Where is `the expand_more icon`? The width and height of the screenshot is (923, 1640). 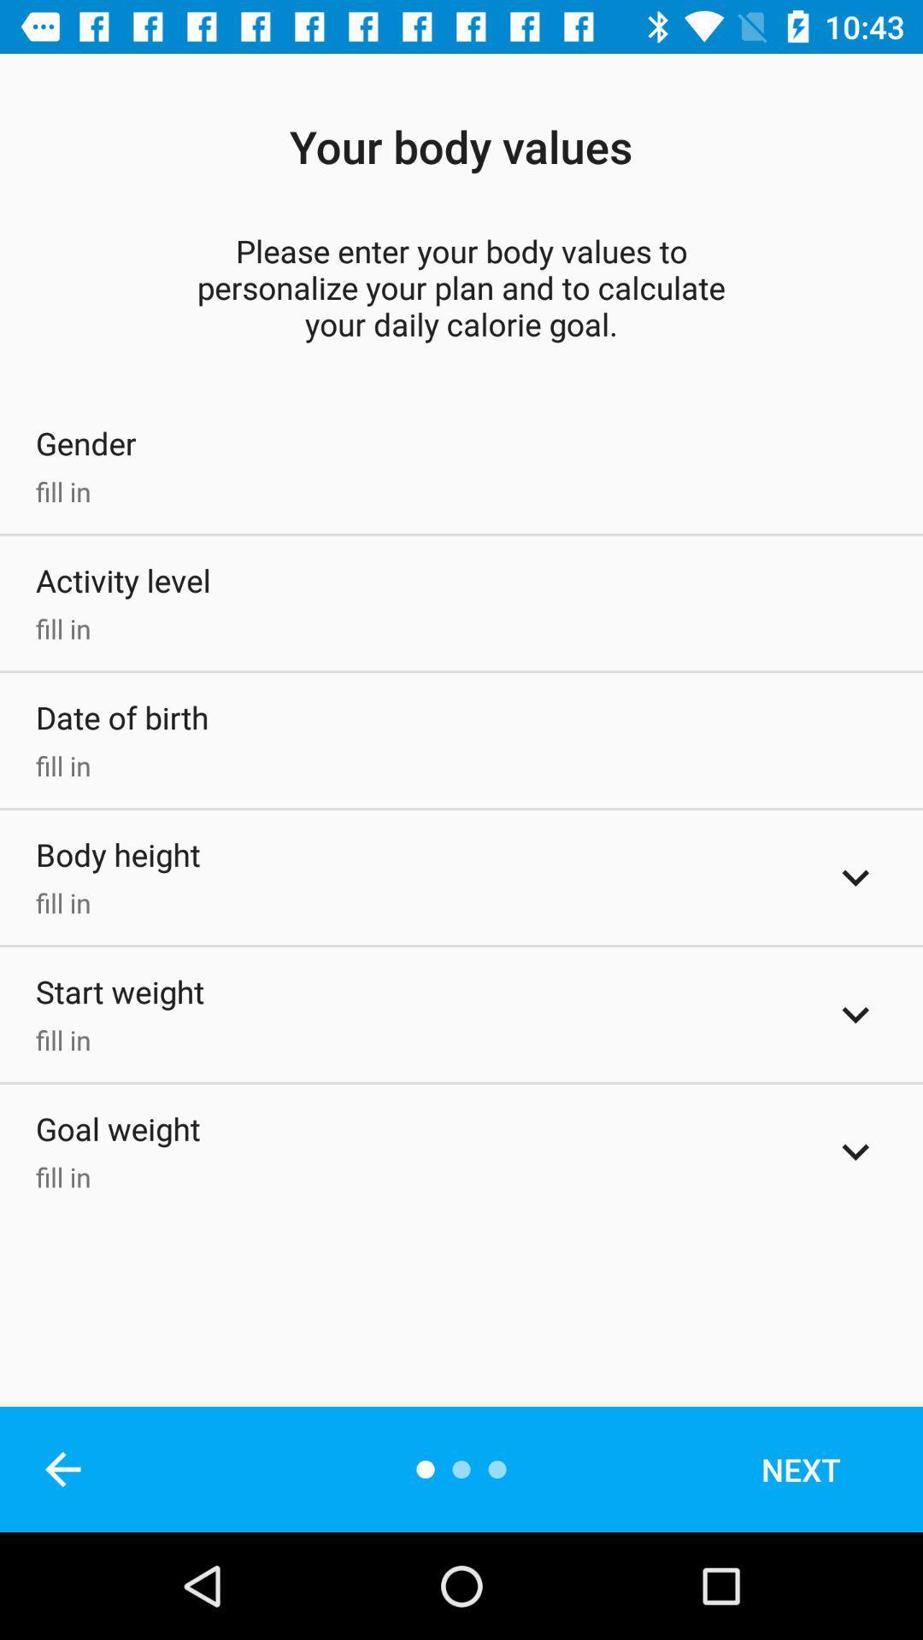
the expand_more icon is located at coordinates (855, 877).